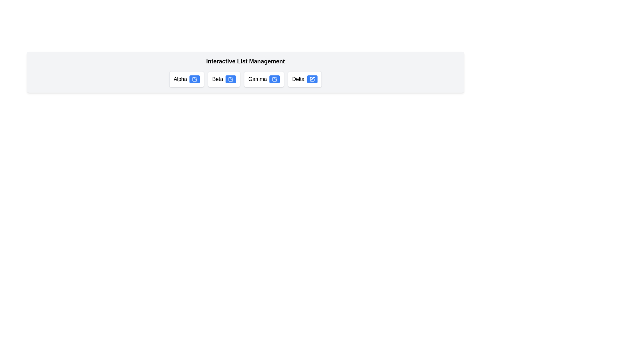 The image size is (624, 351). Describe the element at coordinates (275, 79) in the screenshot. I see `the interactive editing button with a pen icon located immediately to the right of the 'Gamma' button` at that location.